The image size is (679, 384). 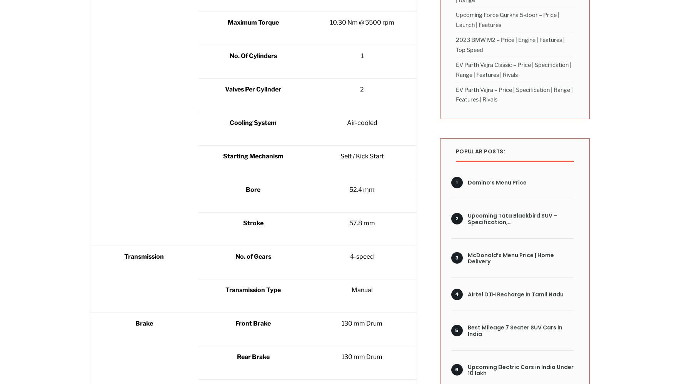 What do you see at coordinates (252, 190) in the screenshot?
I see `'Bore'` at bounding box center [252, 190].